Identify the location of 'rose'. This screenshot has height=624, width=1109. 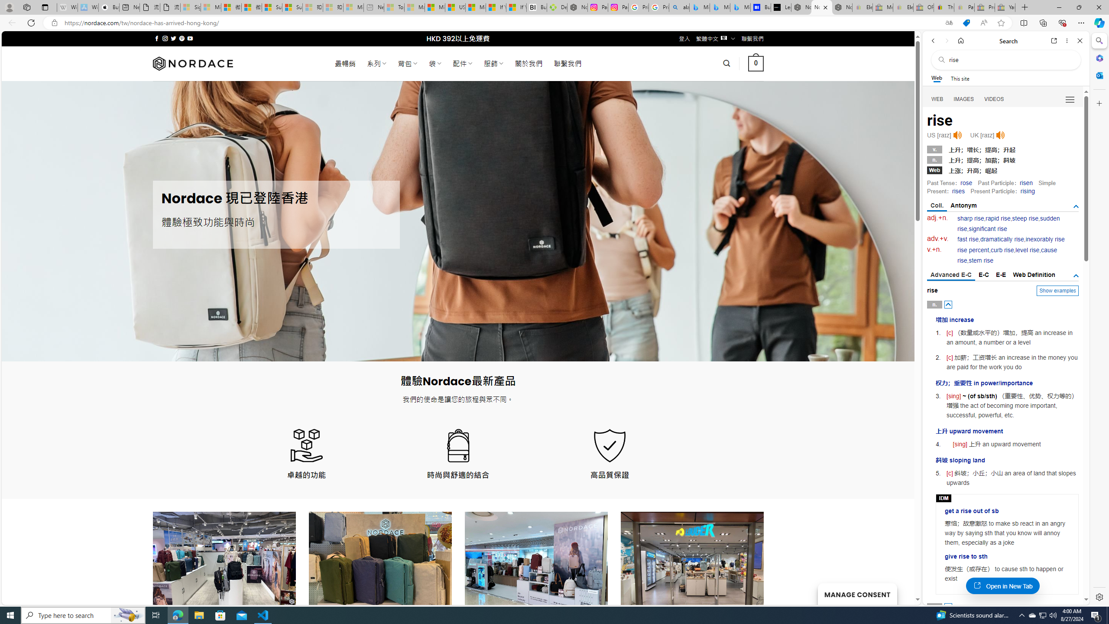
(966, 182).